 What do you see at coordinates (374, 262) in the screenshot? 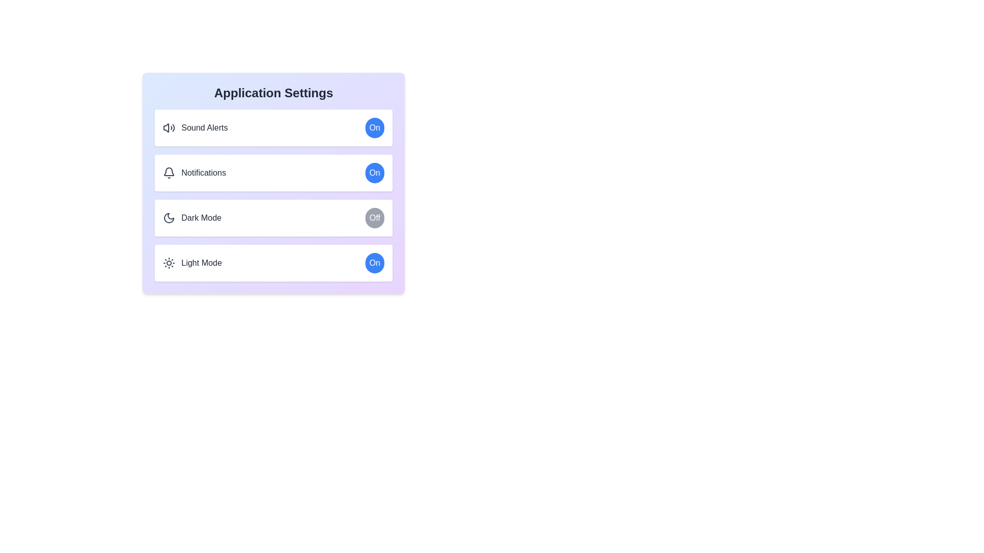
I see `the 'Light Mode' toggle button located at the far right of the 'Light Mode' row in the settings menu` at bounding box center [374, 262].